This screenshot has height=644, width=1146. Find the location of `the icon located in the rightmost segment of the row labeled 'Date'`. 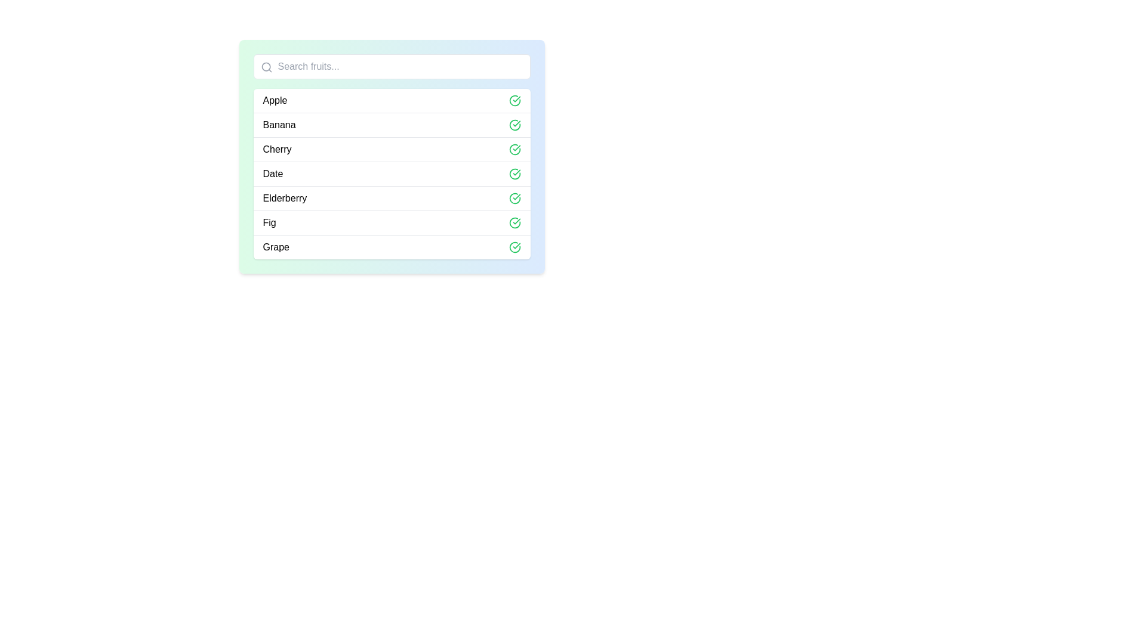

the icon located in the rightmost segment of the row labeled 'Date' is located at coordinates (515, 174).